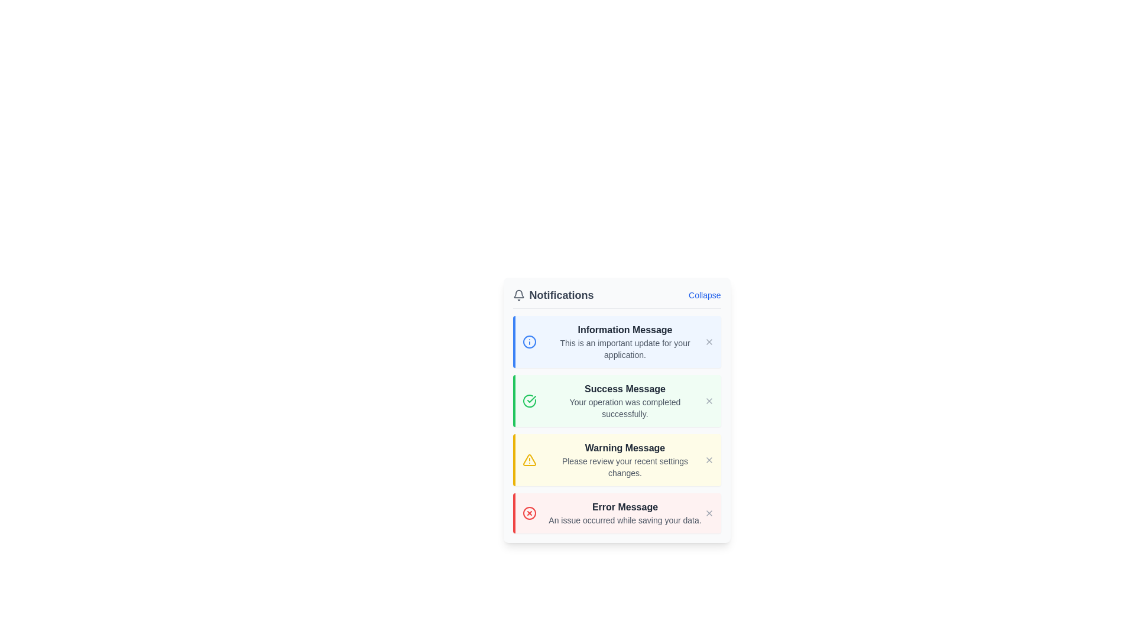 The image size is (1135, 638). What do you see at coordinates (709, 460) in the screenshot?
I see `the close icon button ('X') located to the right of the warning message in the third notification box` at bounding box center [709, 460].